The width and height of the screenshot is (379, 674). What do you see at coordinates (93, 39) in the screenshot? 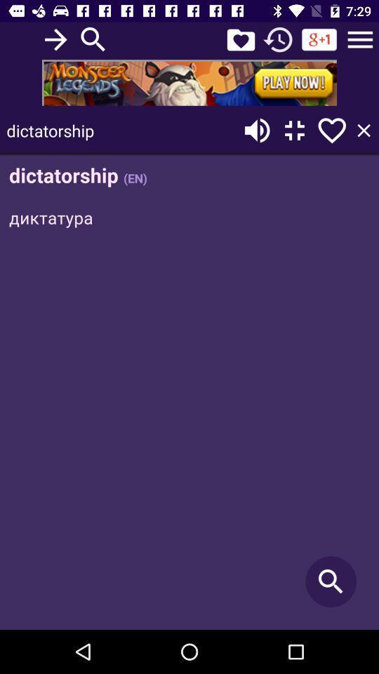
I see `search your query` at bounding box center [93, 39].